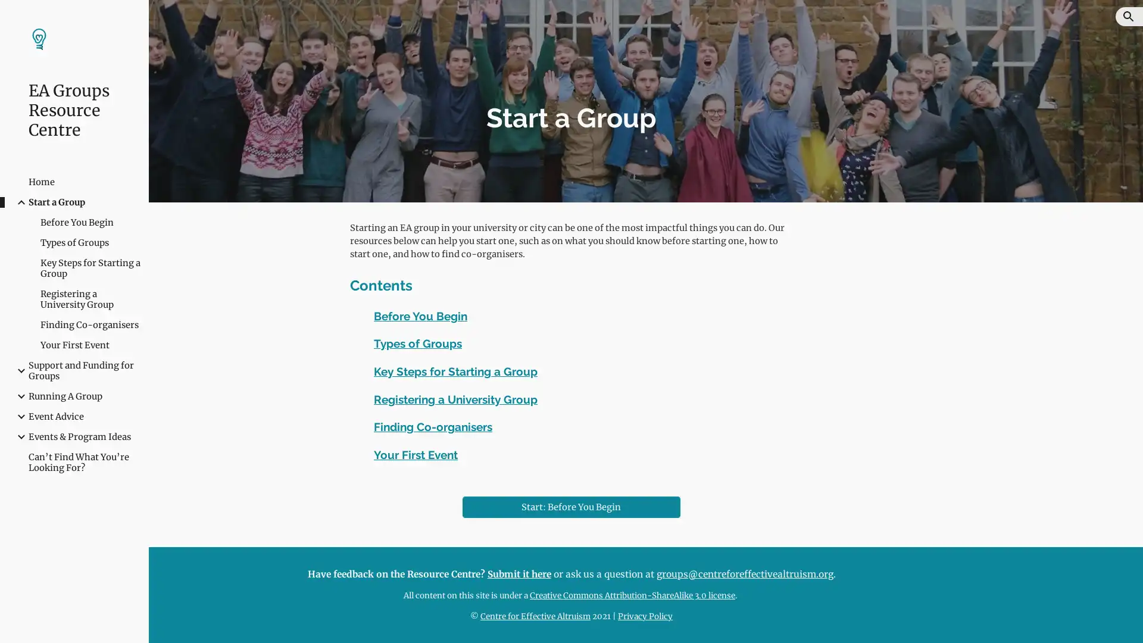  I want to click on Copy heading link, so click(625, 399).